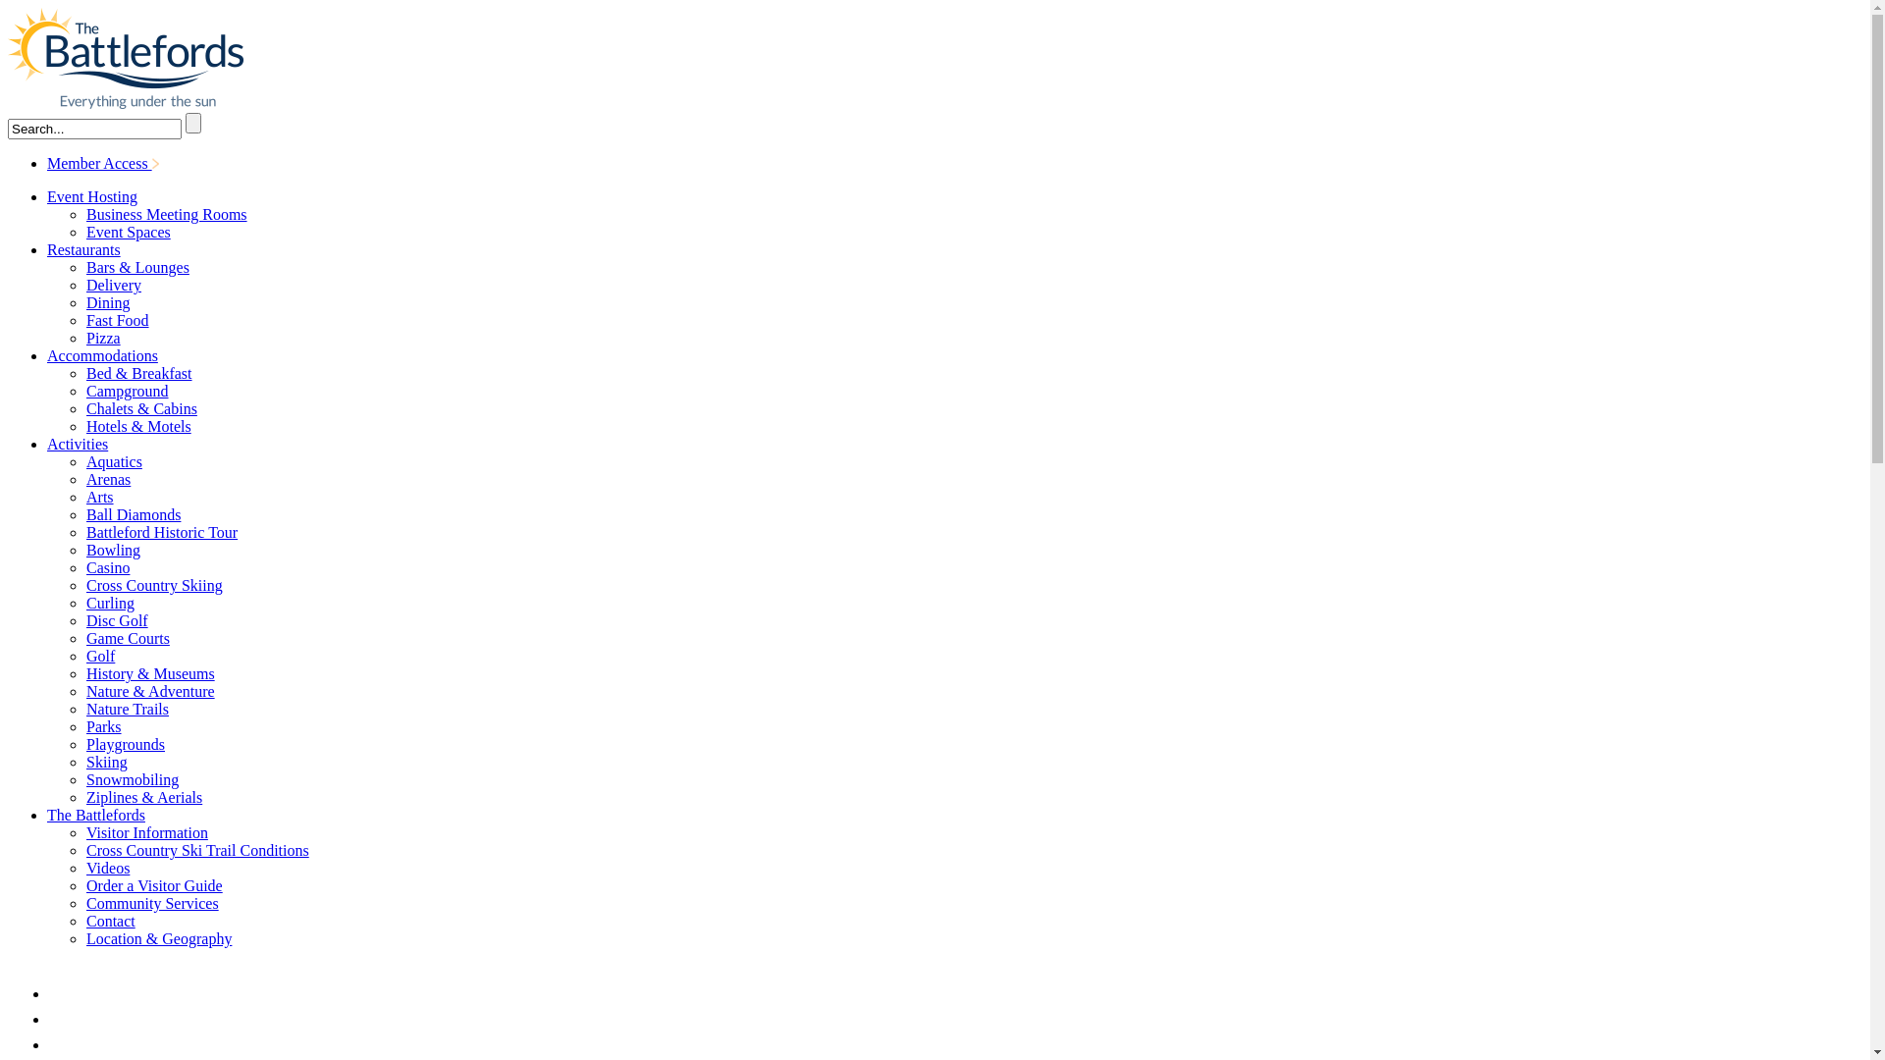 Image resolution: width=1885 pixels, height=1060 pixels. What do you see at coordinates (126, 391) in the screenshot?
I see `'Campground'` at bounding box center [126, 391].